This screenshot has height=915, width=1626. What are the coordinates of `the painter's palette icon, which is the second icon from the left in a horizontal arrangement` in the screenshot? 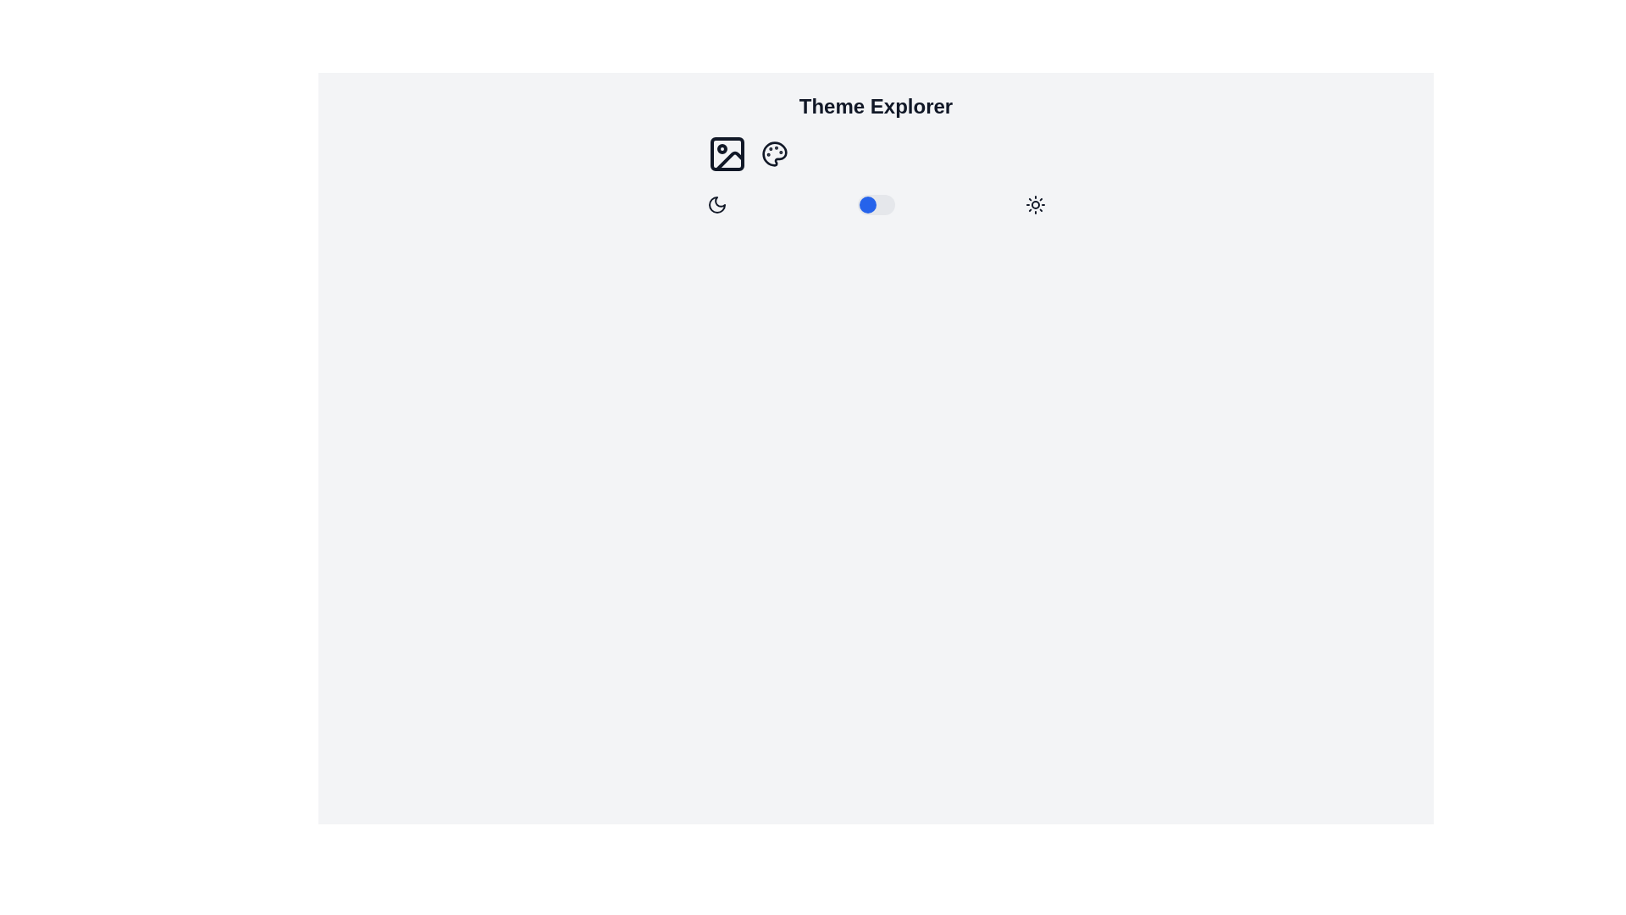 It's located at (773, 153).